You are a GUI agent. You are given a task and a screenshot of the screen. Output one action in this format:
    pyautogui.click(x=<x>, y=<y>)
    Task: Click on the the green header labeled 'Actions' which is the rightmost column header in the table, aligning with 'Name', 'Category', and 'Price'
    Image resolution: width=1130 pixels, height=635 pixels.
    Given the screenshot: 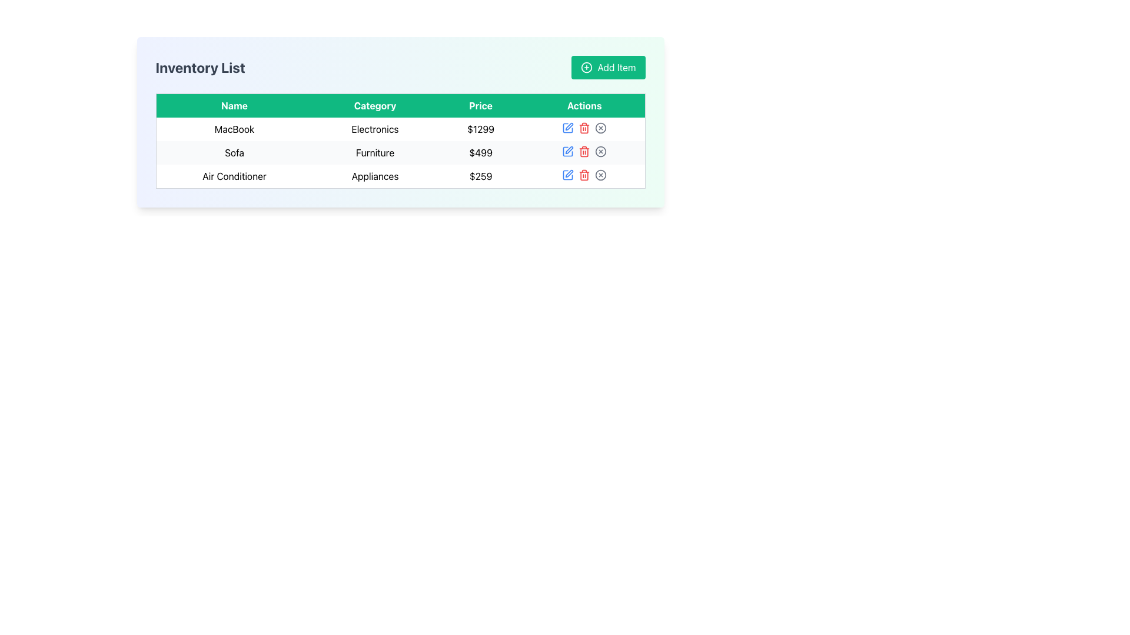 What is the action you would take?
    pyautogui.click(x=584, y=105)
    